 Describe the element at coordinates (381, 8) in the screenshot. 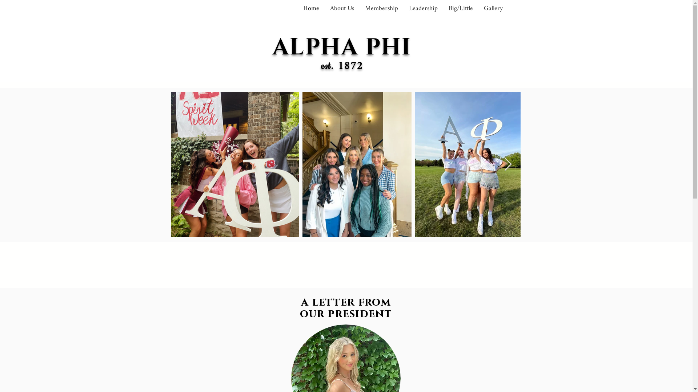

I see `'Membership'` at that location.